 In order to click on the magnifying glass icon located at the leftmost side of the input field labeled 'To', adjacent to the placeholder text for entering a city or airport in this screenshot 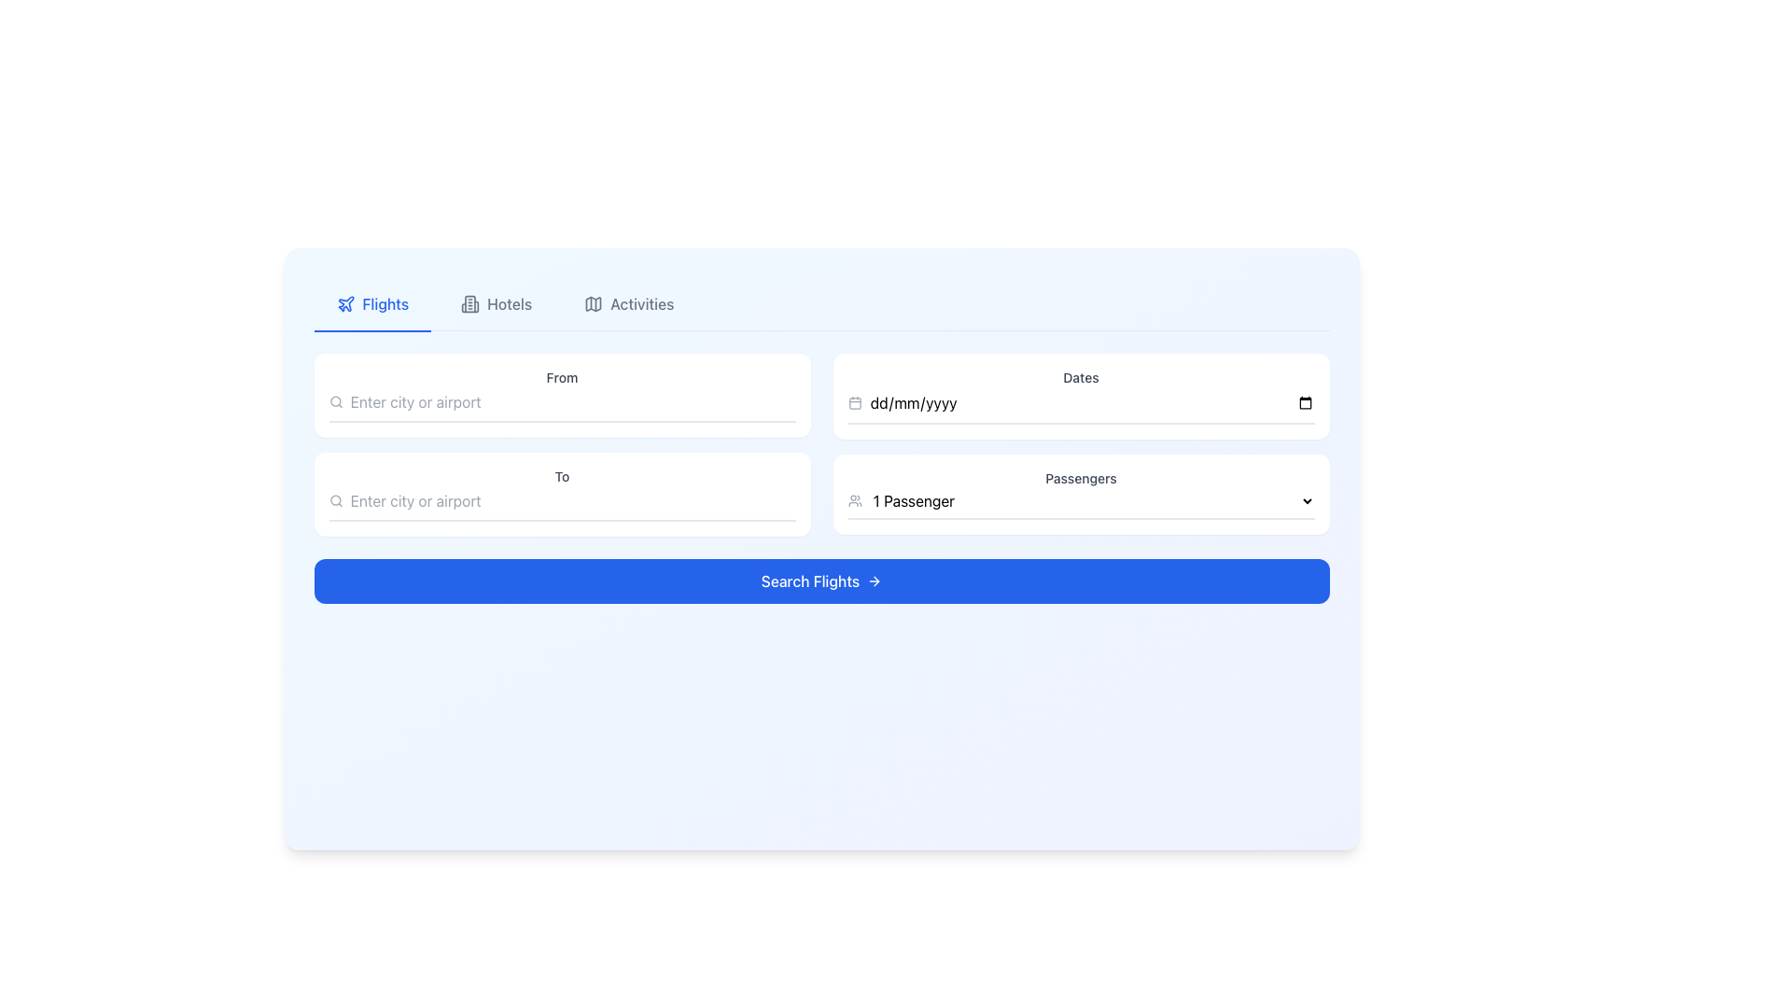, I will do `click(336, 499)`.